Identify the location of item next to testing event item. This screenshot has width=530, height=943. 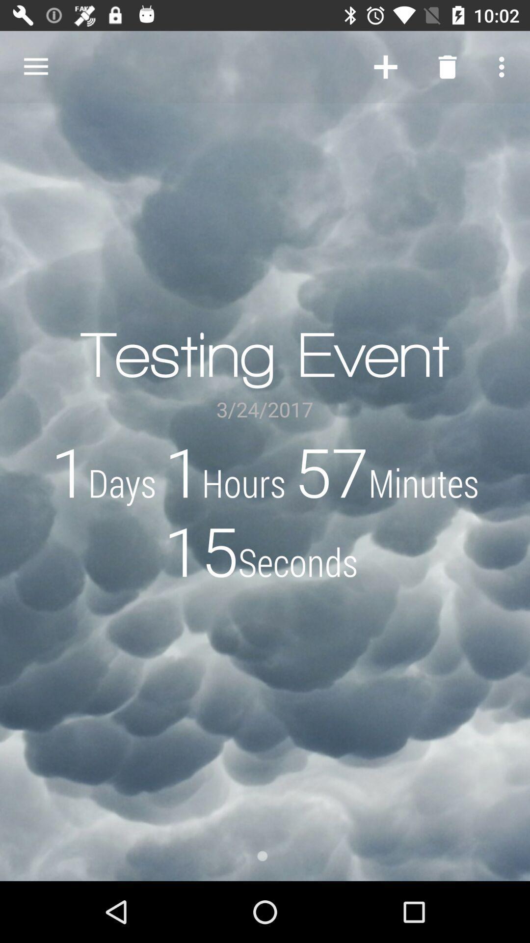
(385, 66).